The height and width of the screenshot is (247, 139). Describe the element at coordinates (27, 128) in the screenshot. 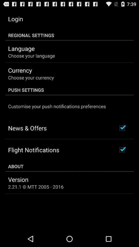

I see `news & offers` at that location.